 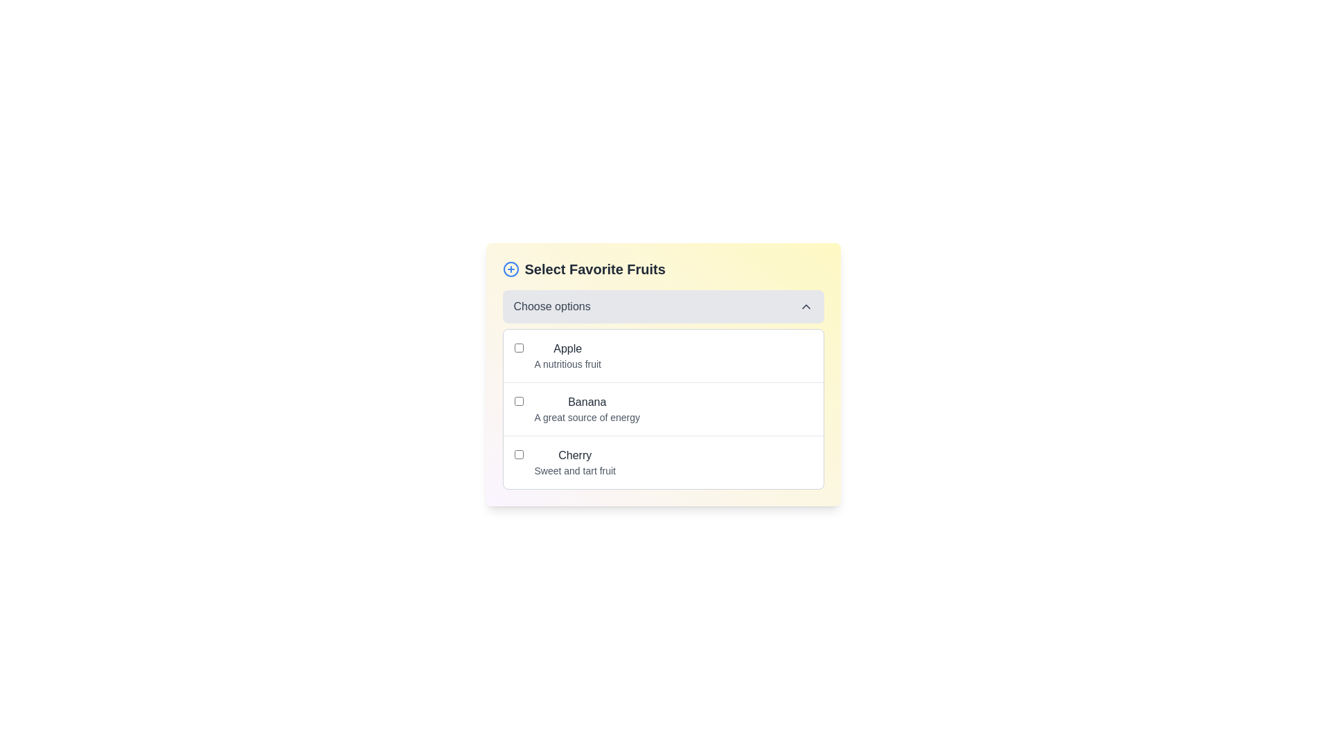 I want to click on the 'Cherry' checkbox option in the 'Select Favorite Fruits' section, so click(x=662, y=462).